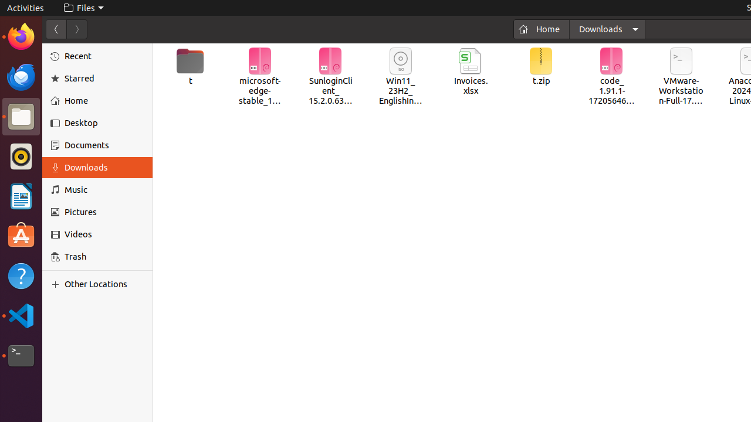 The width and height of the screenshot is (751, 422). Describe the element at coordinates (57, 284) in the screenshot. I see `'Add'` at that location.